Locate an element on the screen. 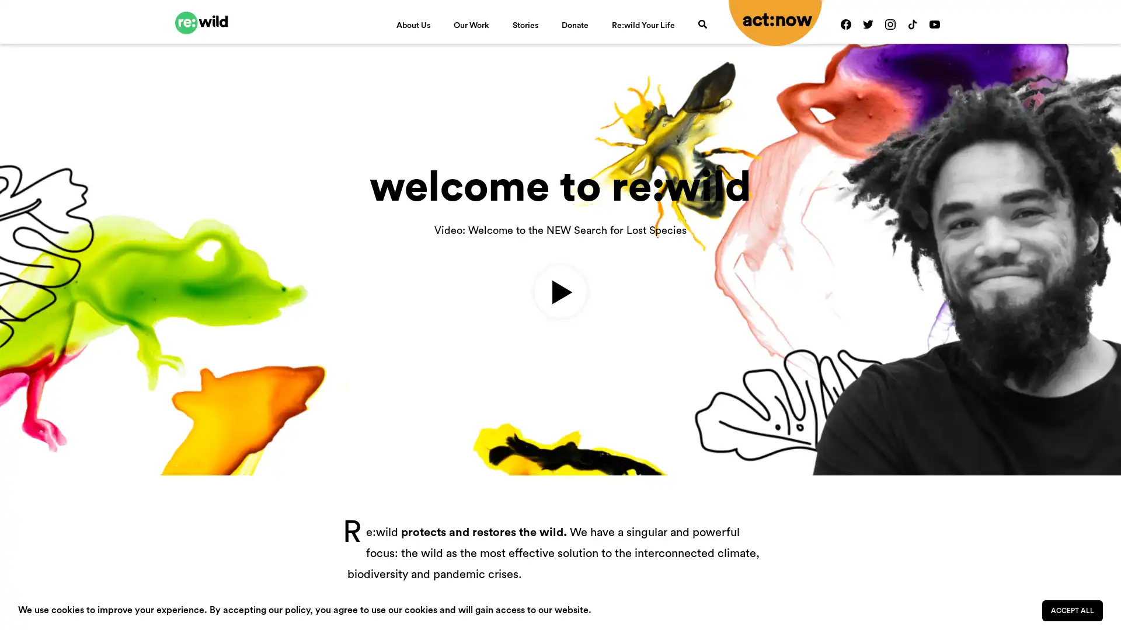 This screenshot has width=1121, height=630. play is located at coordinates (28, 394).